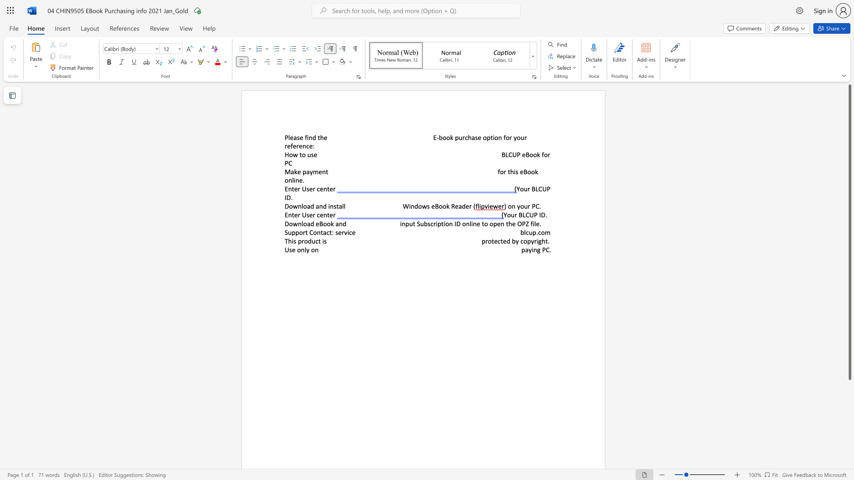  Describe the element at coordinates (342, 206) in the screenshot. I see `the 2th character "l" in the text` at that location.